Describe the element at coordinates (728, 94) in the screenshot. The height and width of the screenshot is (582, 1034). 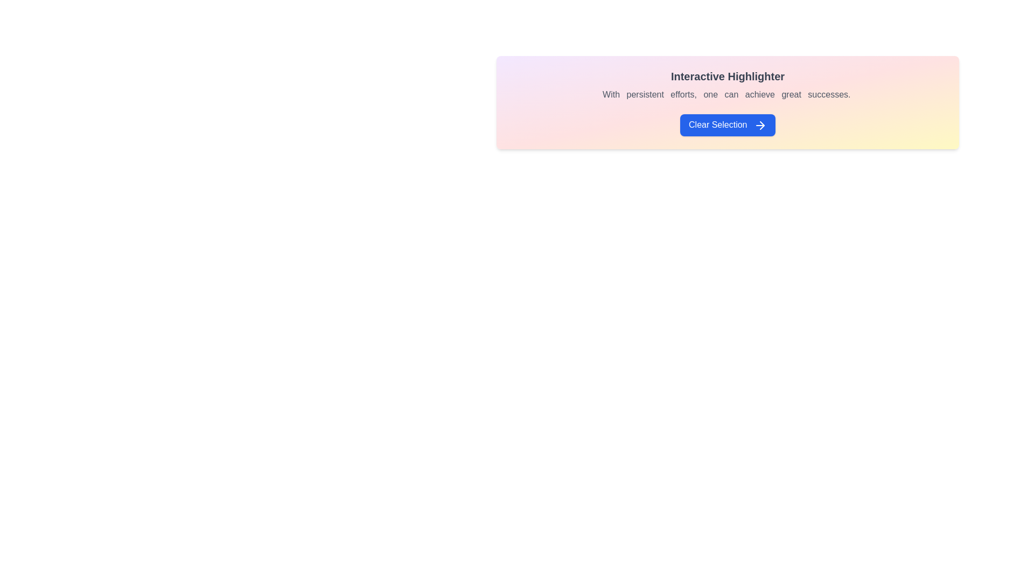
I see `the text element that reads 'With persistent efforts, one can achieve great successes.', which is located below the title 'Interactive Highlighter'` at that location.